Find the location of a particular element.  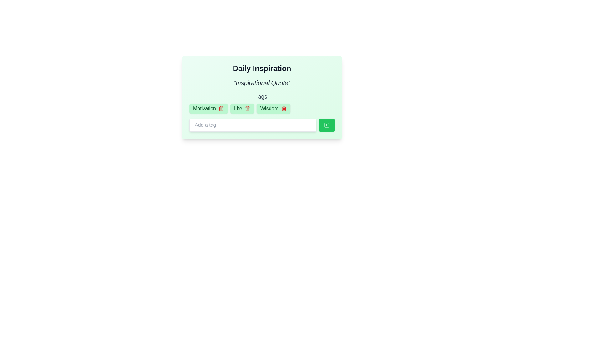

the green button with a white outlined plus icon is located at coordinates (326, 125).